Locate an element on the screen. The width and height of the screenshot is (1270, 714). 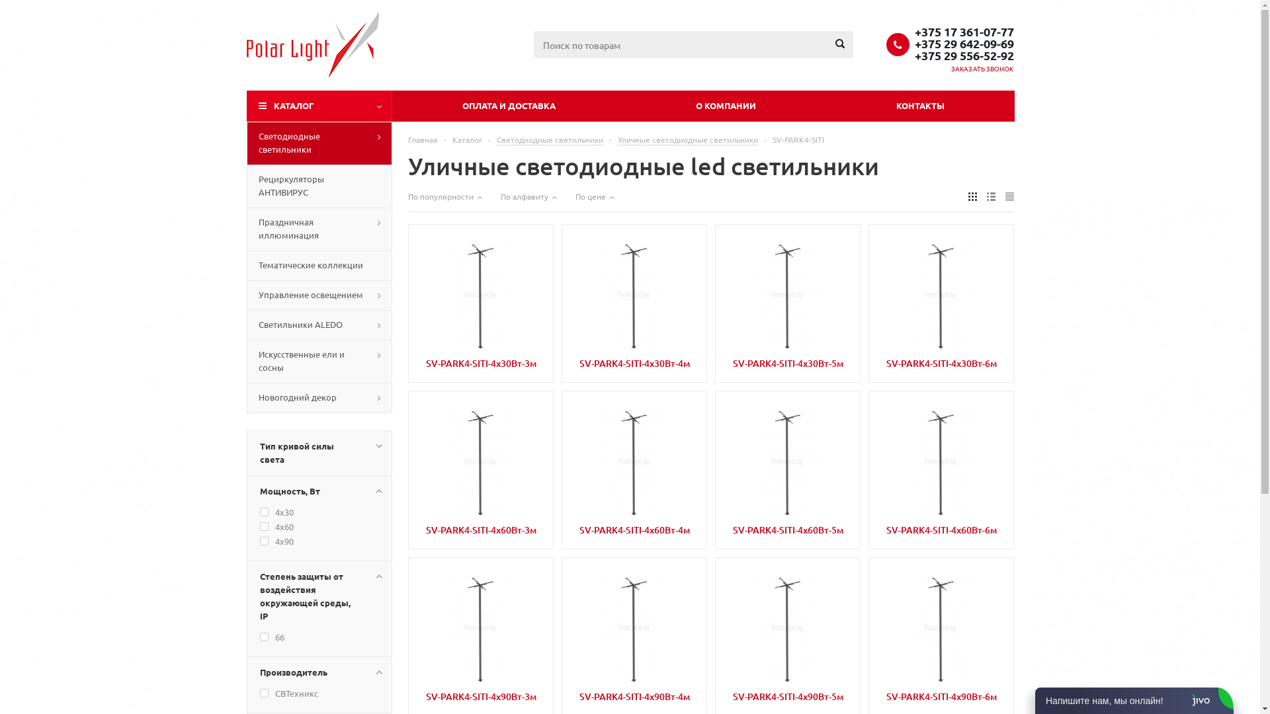
'Y' is located at coordinates (0, 4).